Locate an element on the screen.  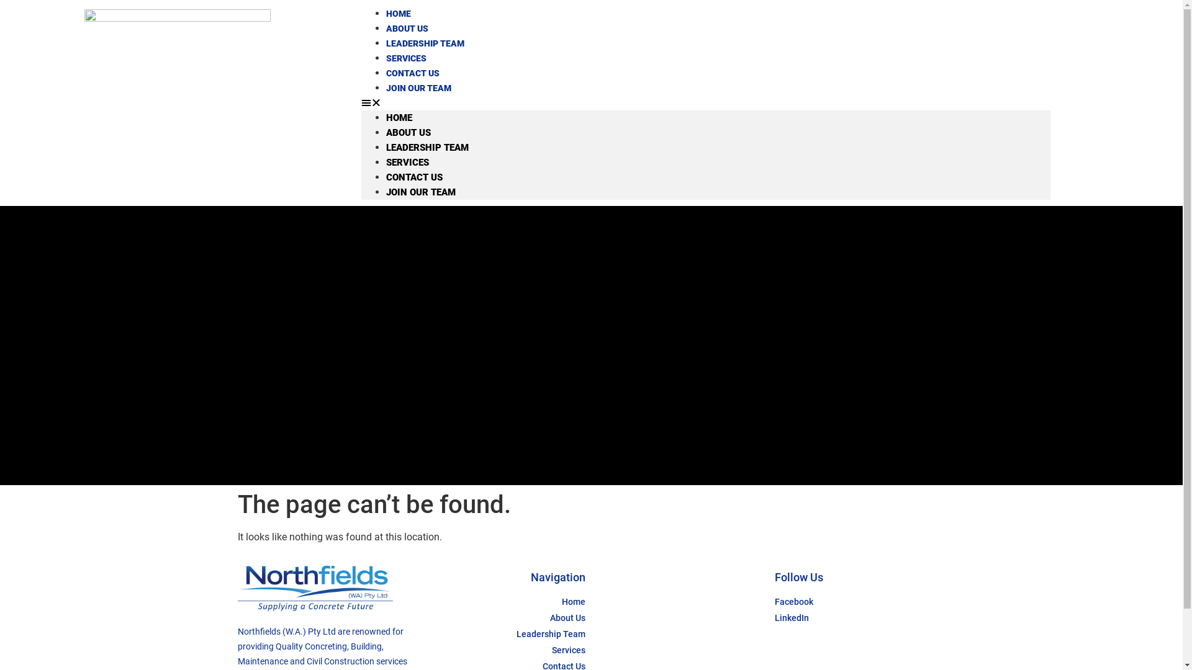
'LinkedIn' is located at coordinates (856, 618).